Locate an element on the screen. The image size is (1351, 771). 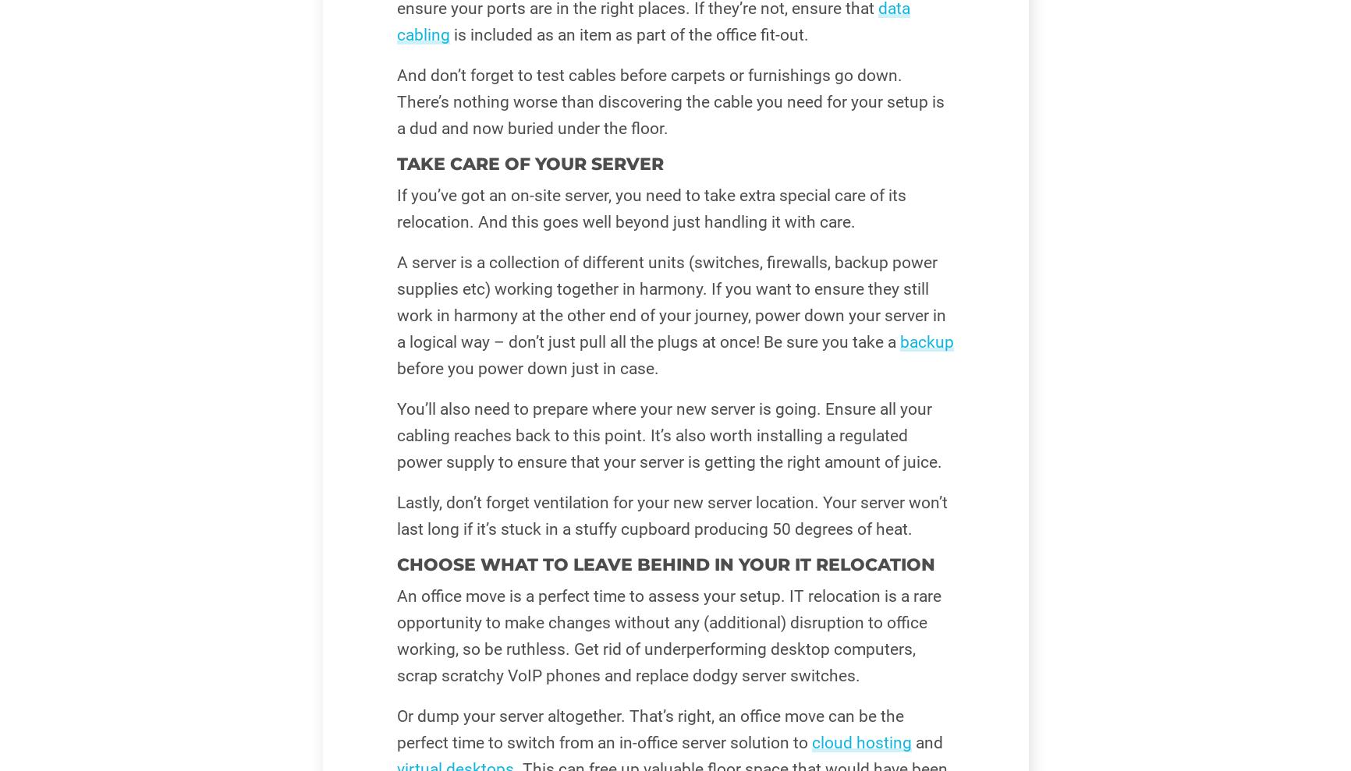
'before you power down just in case.' is located at coordinates (526, 368).